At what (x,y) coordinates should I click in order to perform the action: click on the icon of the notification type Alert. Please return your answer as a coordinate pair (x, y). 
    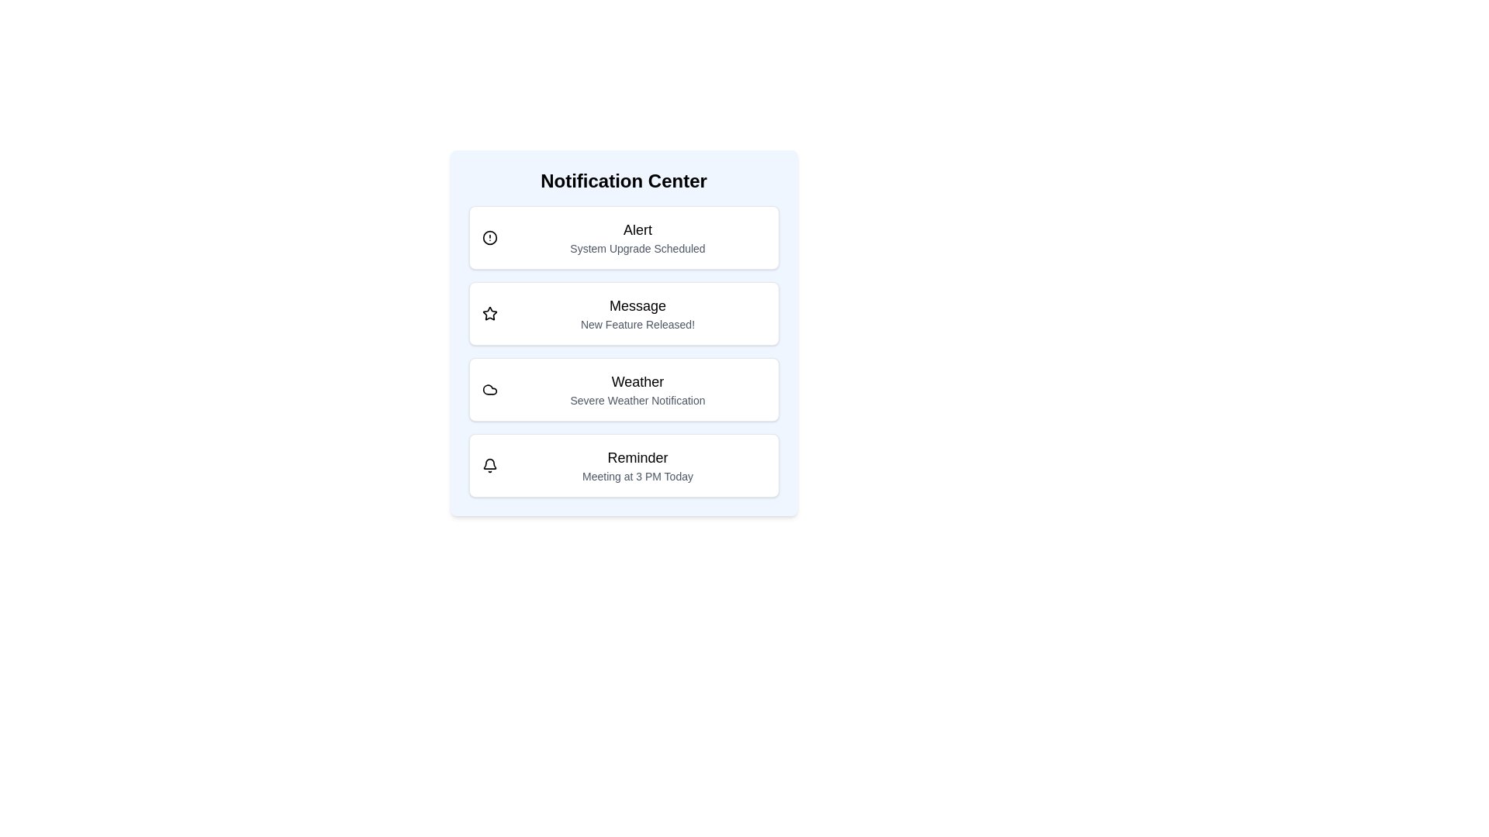
    Looking at the image, I should click on (489, 238).